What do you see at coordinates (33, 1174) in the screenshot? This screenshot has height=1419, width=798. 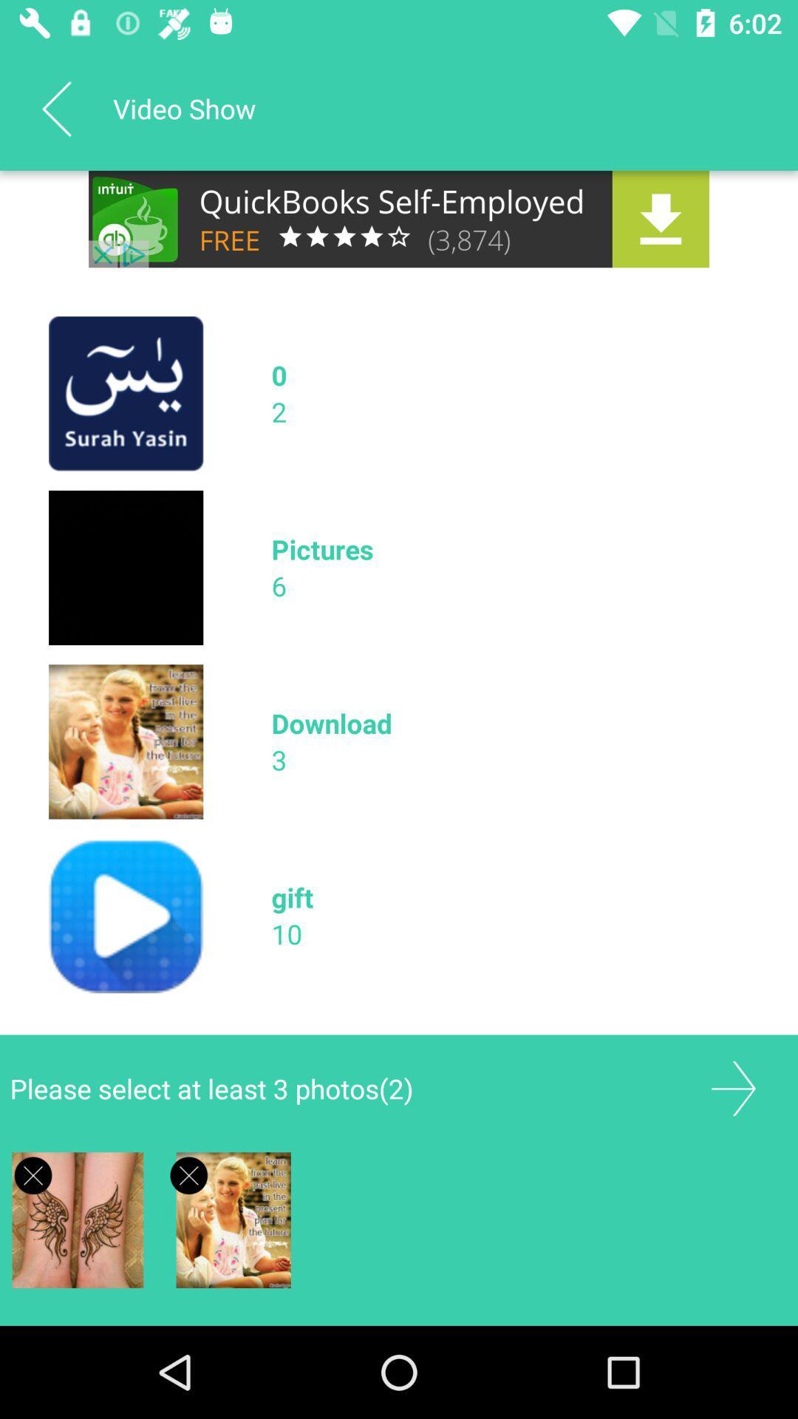 I see `advertisements` at bounding box center [33, 1174].